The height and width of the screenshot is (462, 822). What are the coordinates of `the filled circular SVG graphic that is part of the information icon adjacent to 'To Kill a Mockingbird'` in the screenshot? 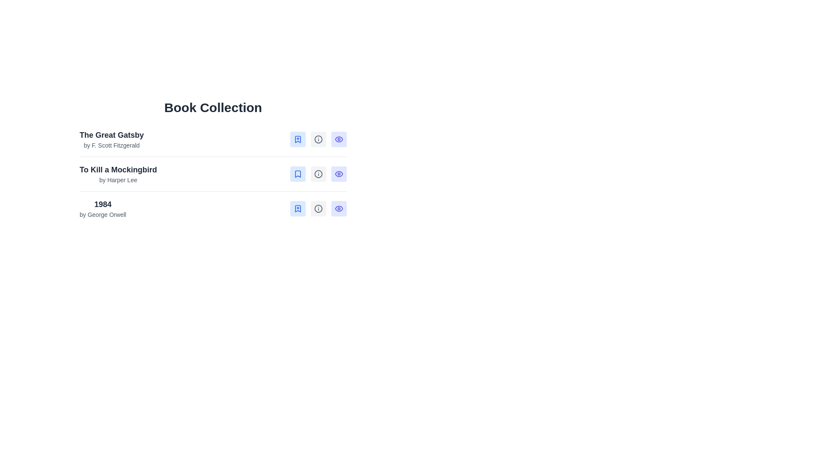 It's located at (318, 139).